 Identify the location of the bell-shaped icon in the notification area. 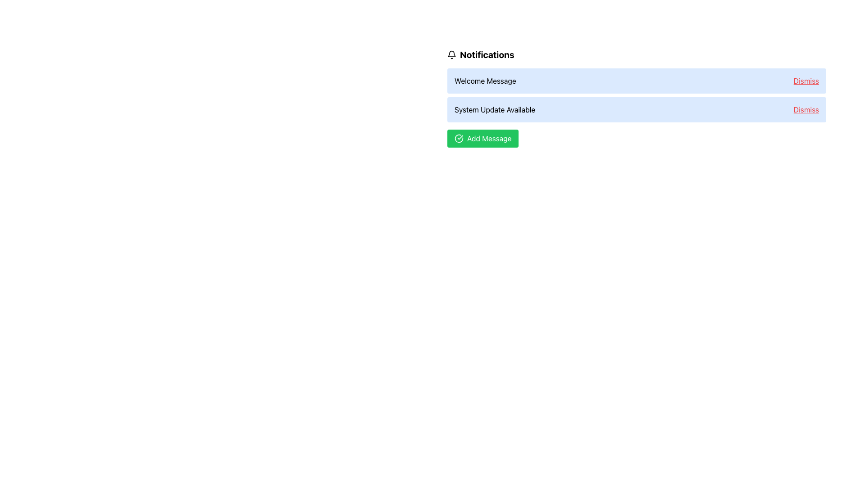
(452, 55).